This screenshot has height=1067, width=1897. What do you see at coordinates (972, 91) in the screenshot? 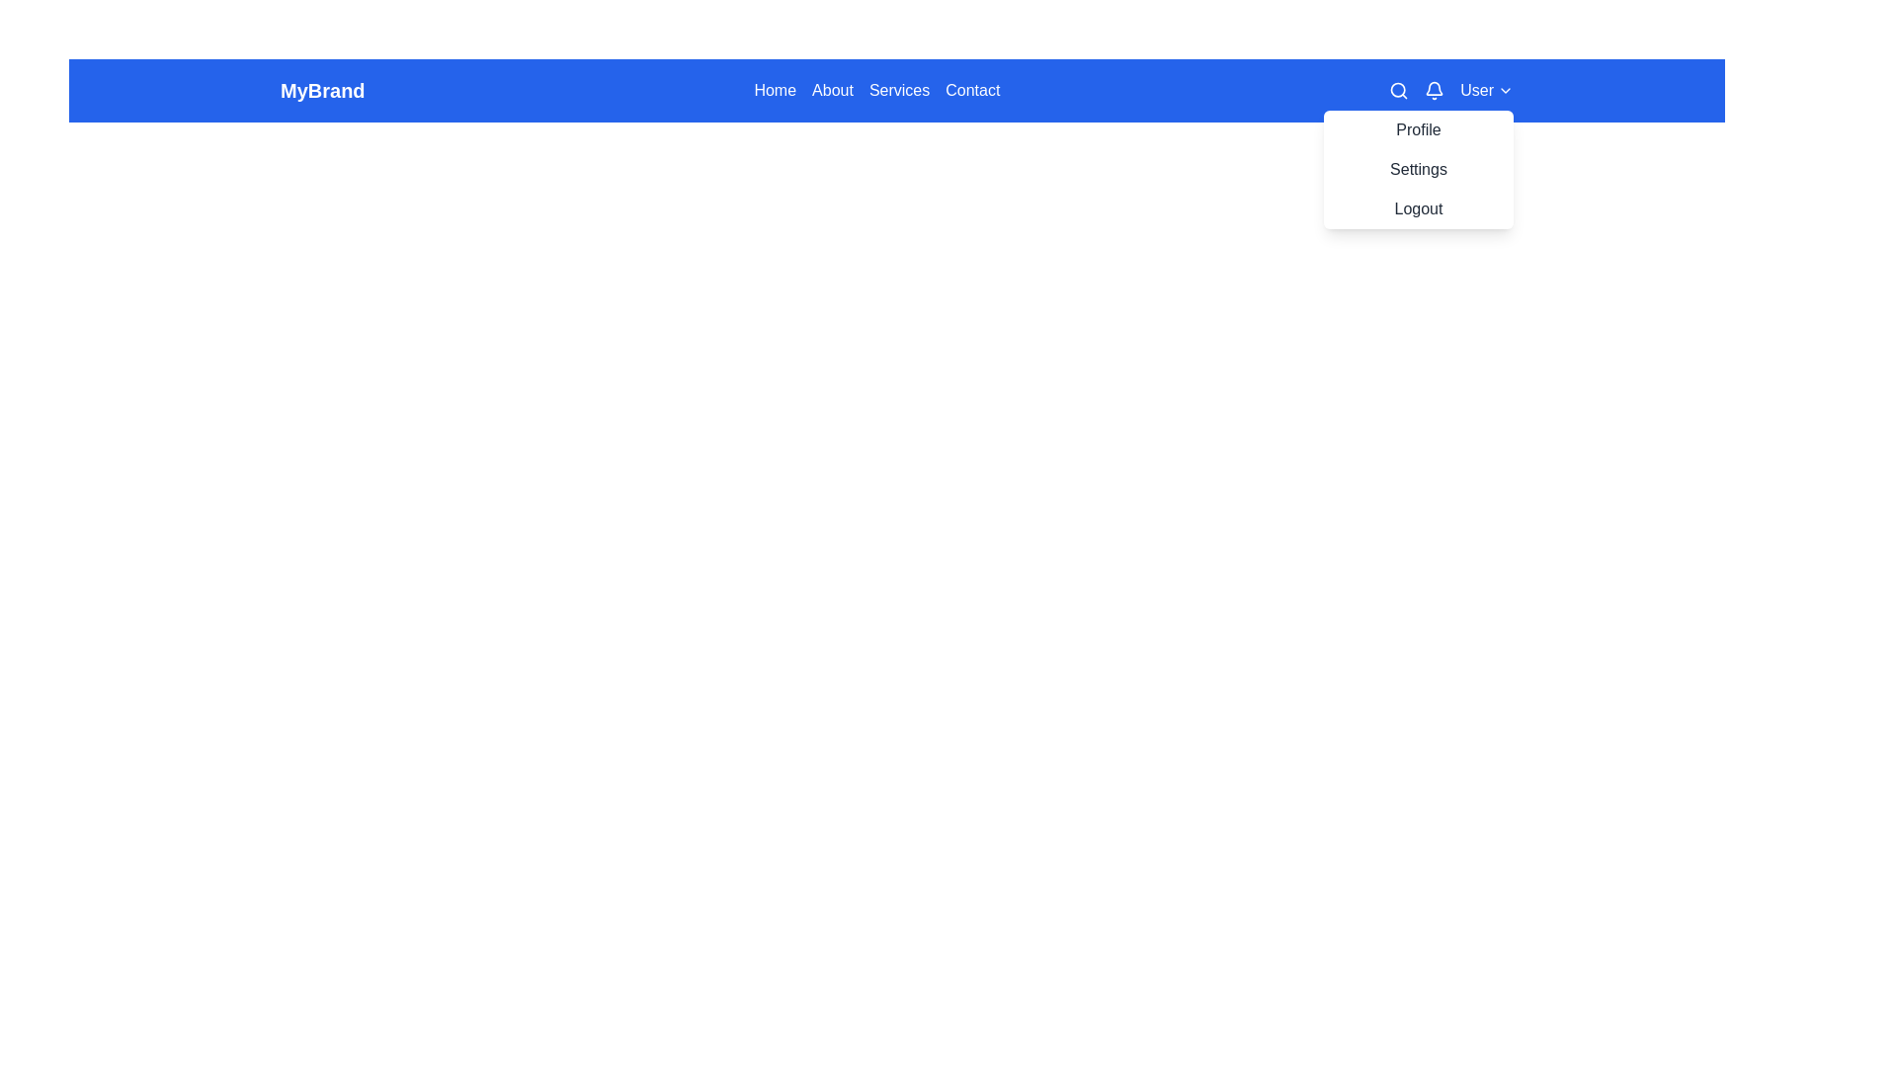
I see `the text link labeled 'Contact' in the top-right navigation menu` at bounding box center [972, 91].